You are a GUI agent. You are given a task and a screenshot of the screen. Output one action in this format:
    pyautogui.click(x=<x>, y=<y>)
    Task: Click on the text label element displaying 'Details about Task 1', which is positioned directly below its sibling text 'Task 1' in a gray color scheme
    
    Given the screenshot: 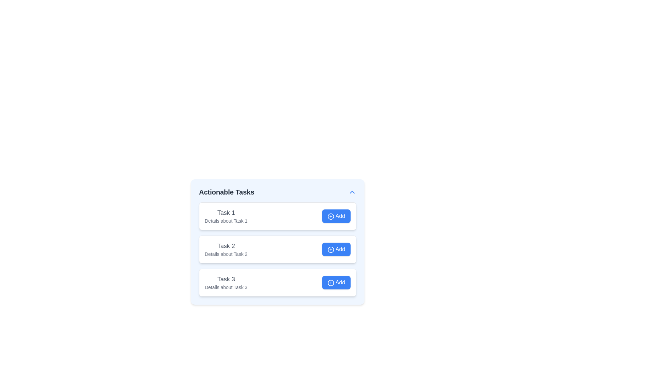 What is the action you would take?
    pyautogui.click(x=226, y=221)
    